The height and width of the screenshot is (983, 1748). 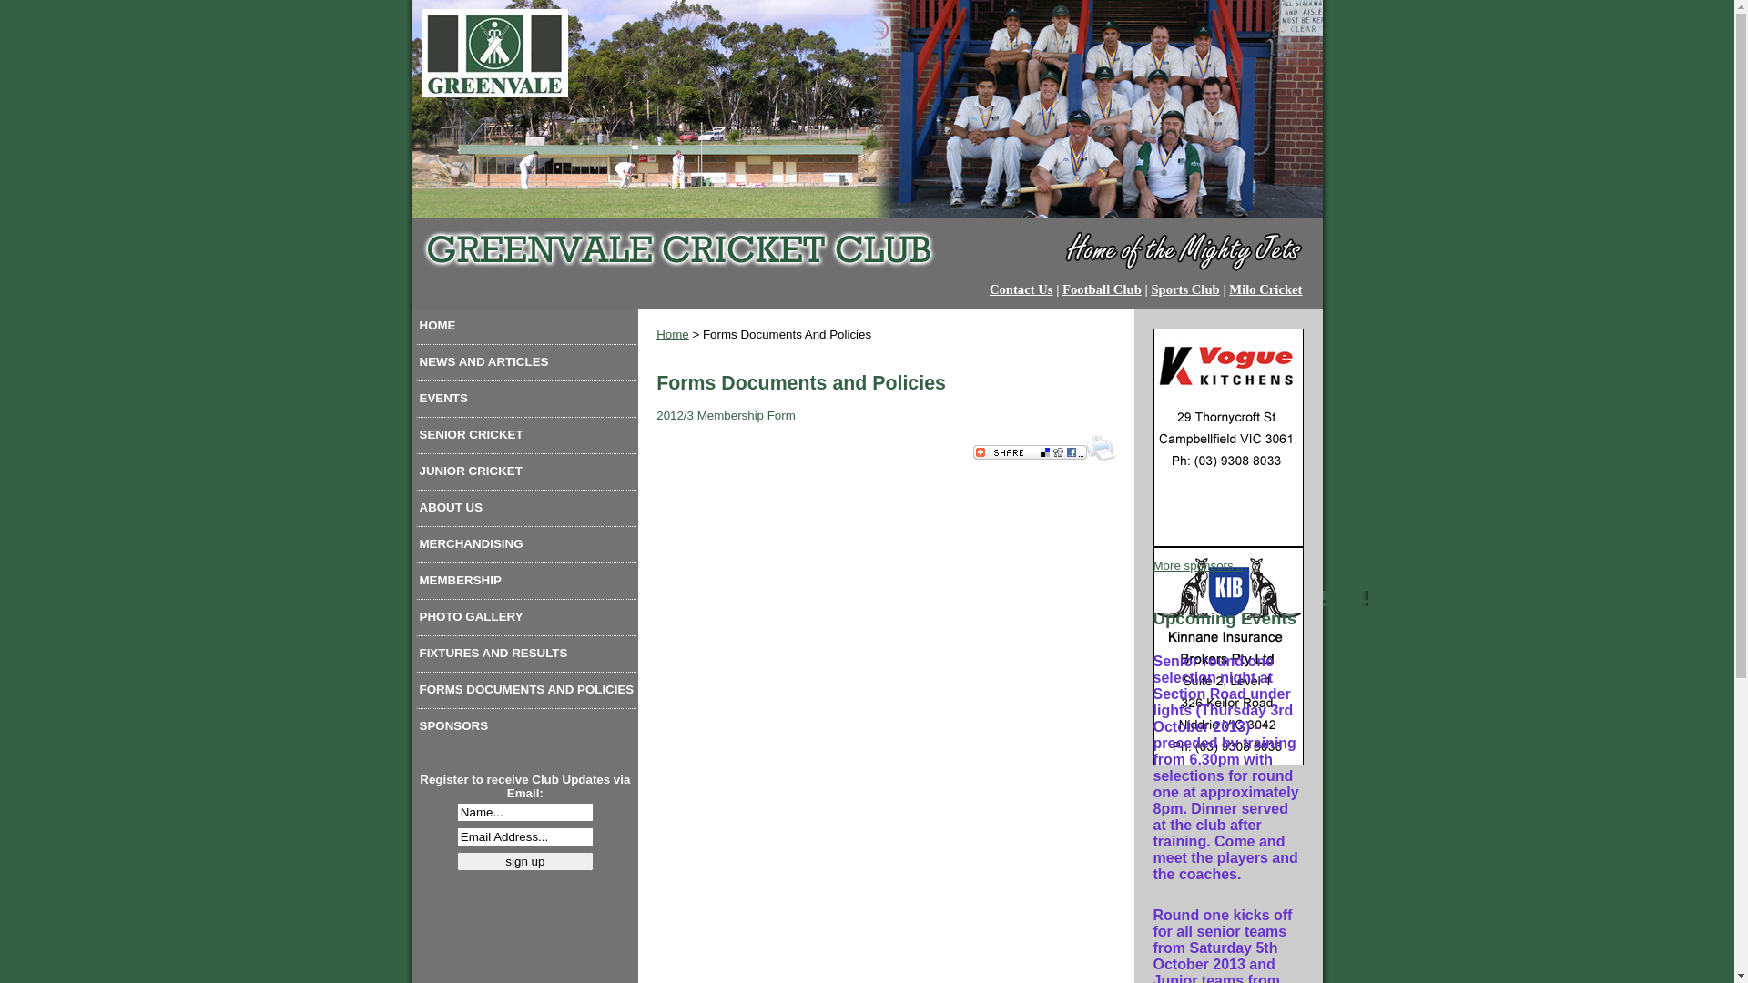 I want to click on 'FORMS DOCUMENTS AND POLICIES', so click(x=526, y=694).